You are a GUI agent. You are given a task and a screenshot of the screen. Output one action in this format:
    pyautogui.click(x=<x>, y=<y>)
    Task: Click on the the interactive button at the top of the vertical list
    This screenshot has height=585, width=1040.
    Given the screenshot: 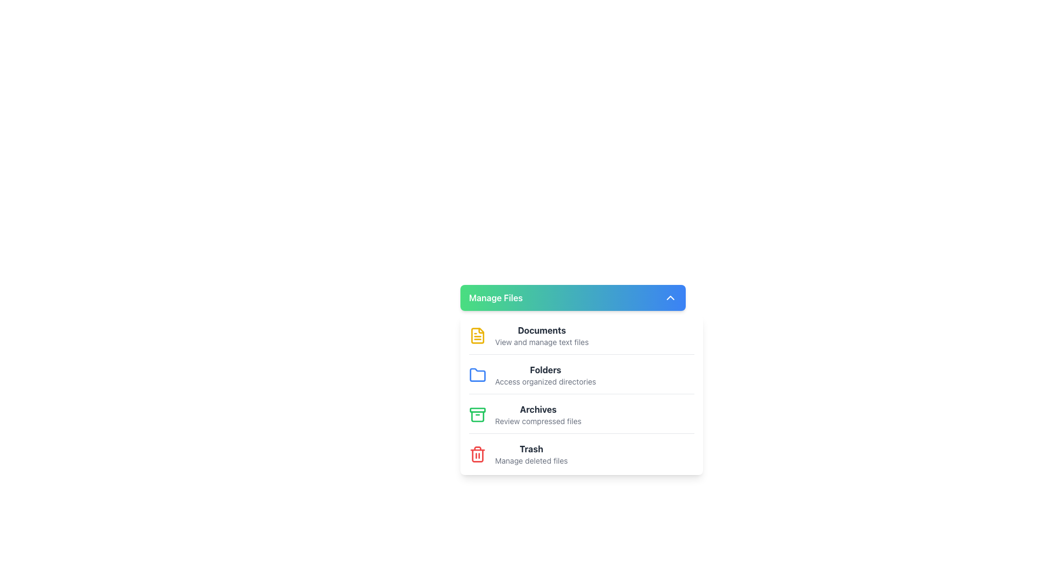 What is the action you would take?
    pyautogui.click(x=572, y=298)
    